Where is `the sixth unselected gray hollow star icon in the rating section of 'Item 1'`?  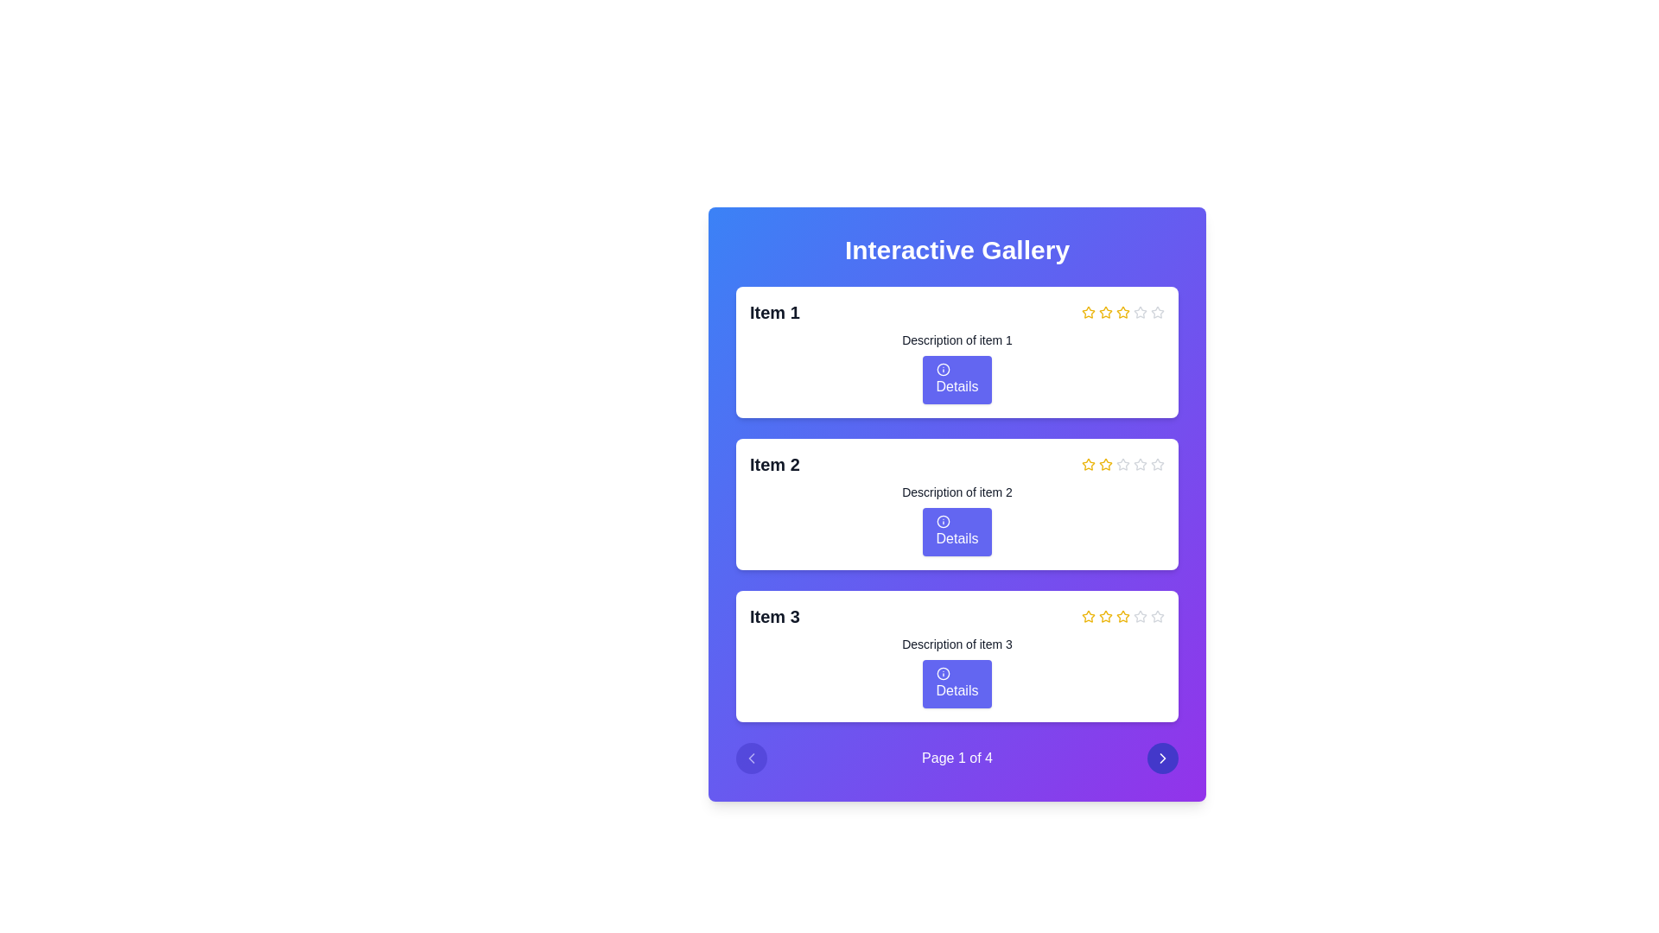
the sixth unselected gray hollow star icon in the rating section of 'Item 1' is located at coordinates (1141, 313).